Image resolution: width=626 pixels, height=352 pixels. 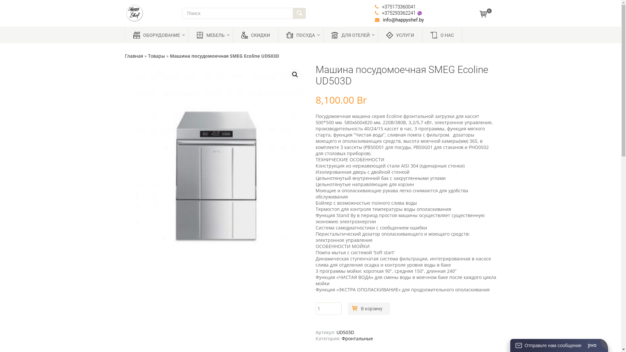 I want to click on '+375293362241', so click(x=382, y=13).